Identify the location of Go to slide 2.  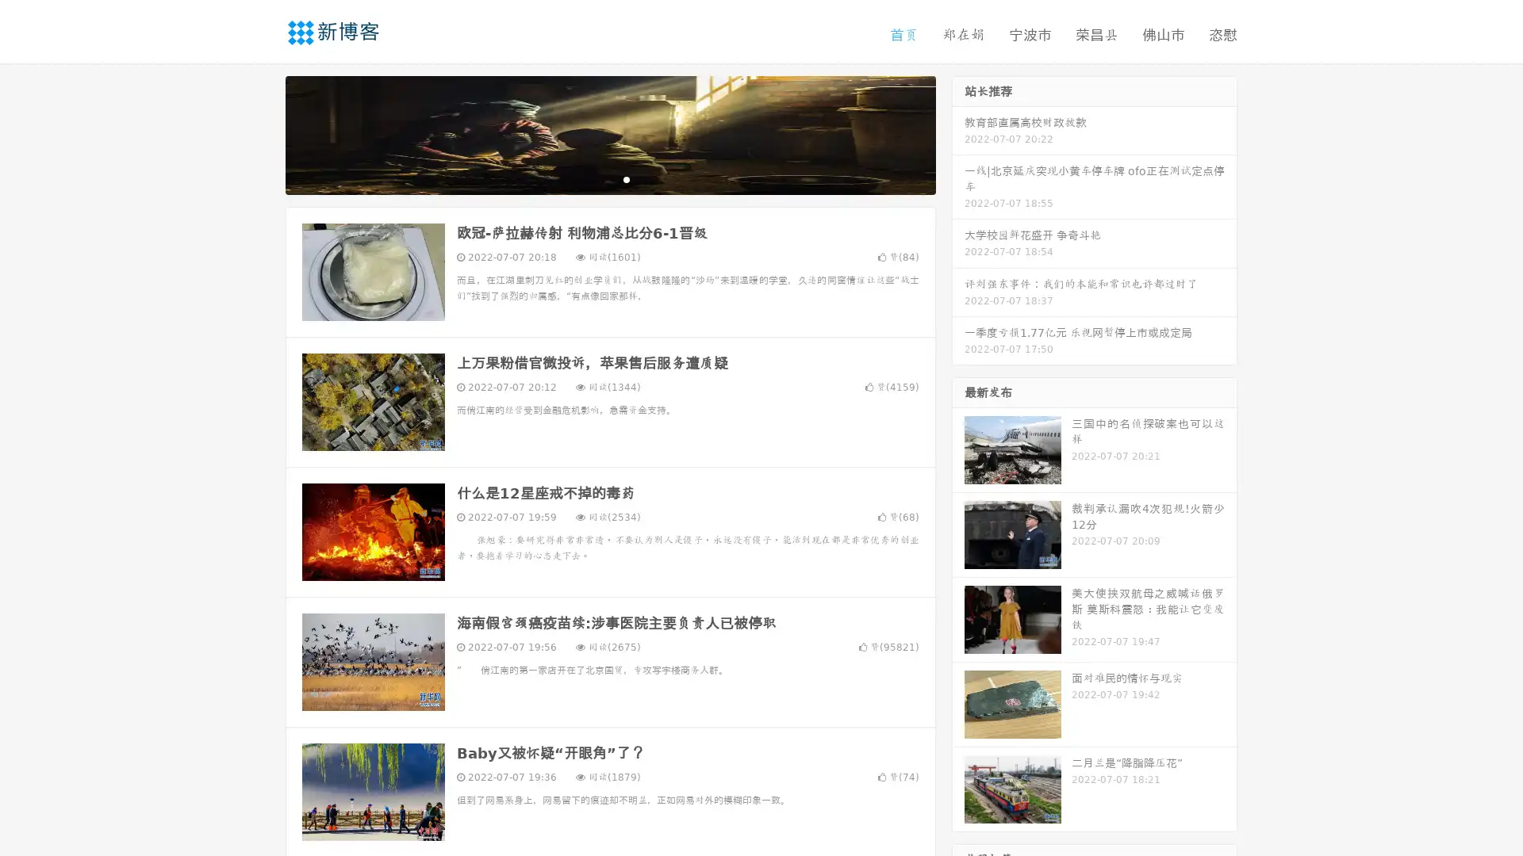
(609, 178).